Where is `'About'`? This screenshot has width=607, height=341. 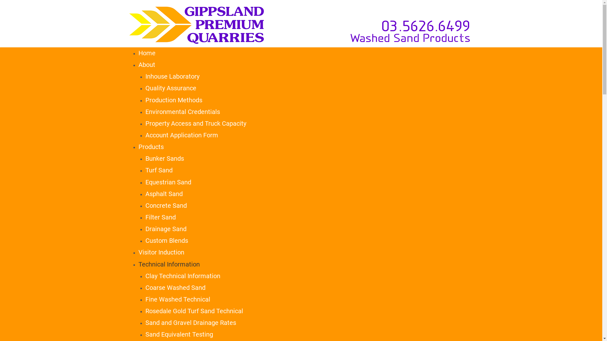
'About' is located at coordinates (146, 64).